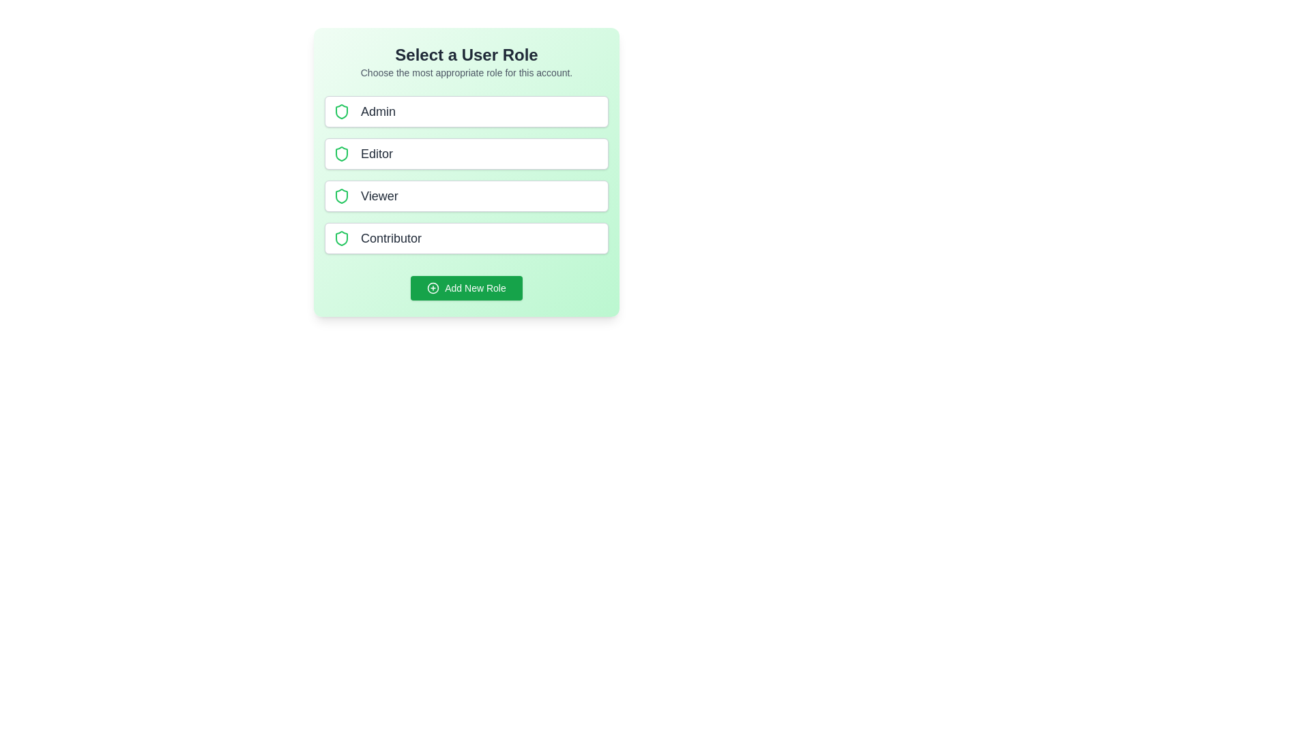  I want to click on the role Editor to select it, so click(467, 153).